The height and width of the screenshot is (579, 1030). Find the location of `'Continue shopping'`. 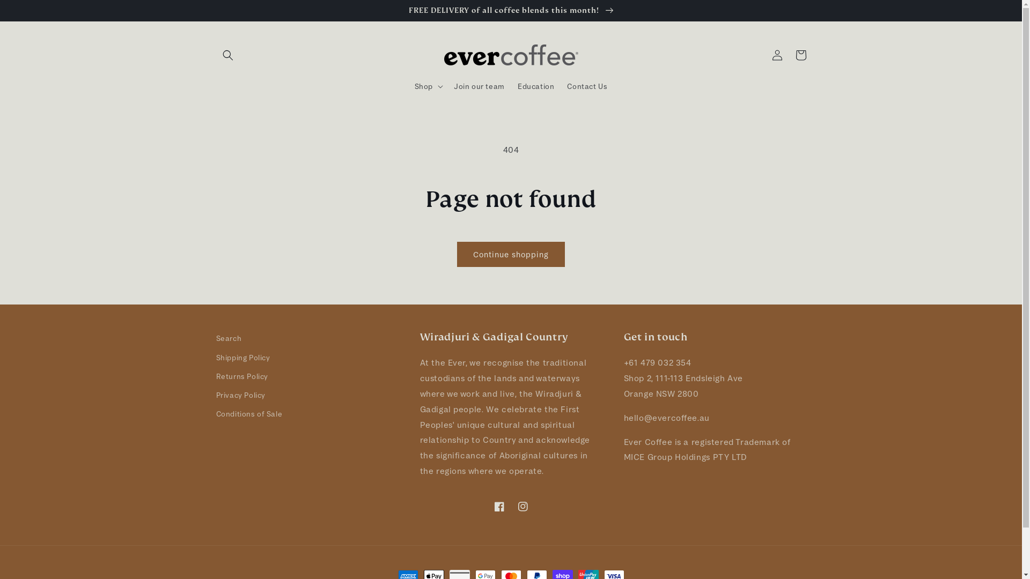

'Continue shopping' is located at coordinates (510, 254).